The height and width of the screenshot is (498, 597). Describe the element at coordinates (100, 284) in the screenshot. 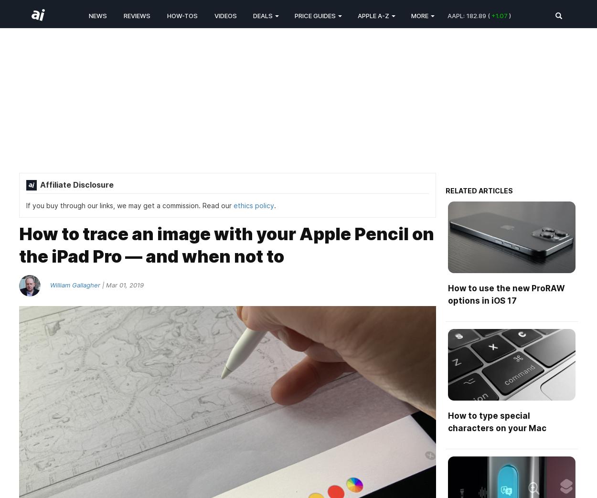

I see `'|'` at that location.